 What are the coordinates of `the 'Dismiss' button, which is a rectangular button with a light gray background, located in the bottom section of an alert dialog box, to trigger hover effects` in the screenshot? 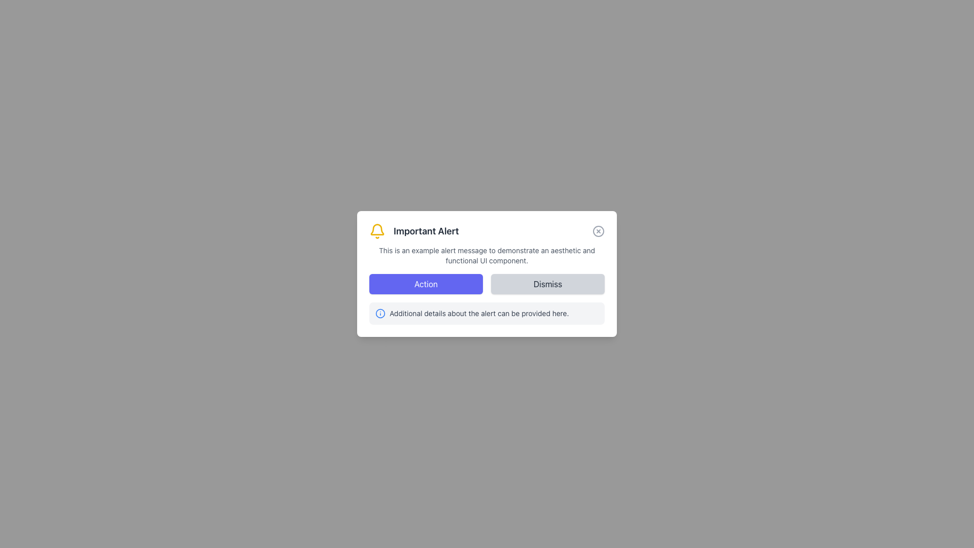 It's located at (547, 284).